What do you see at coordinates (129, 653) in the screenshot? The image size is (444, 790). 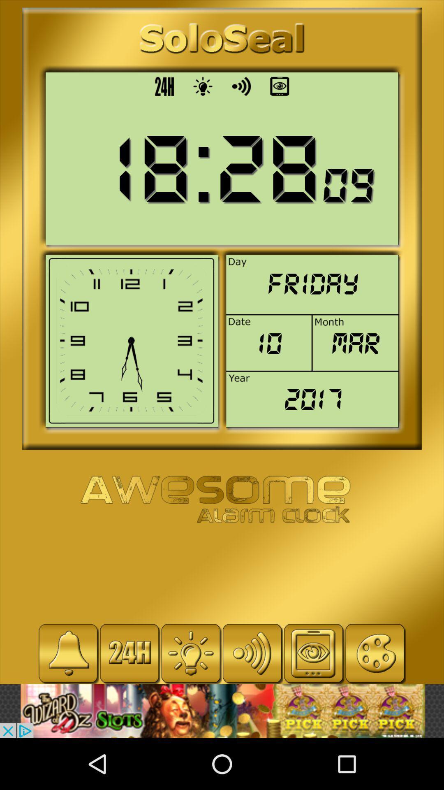 I see `blink option` at bounding box center [129, 653].